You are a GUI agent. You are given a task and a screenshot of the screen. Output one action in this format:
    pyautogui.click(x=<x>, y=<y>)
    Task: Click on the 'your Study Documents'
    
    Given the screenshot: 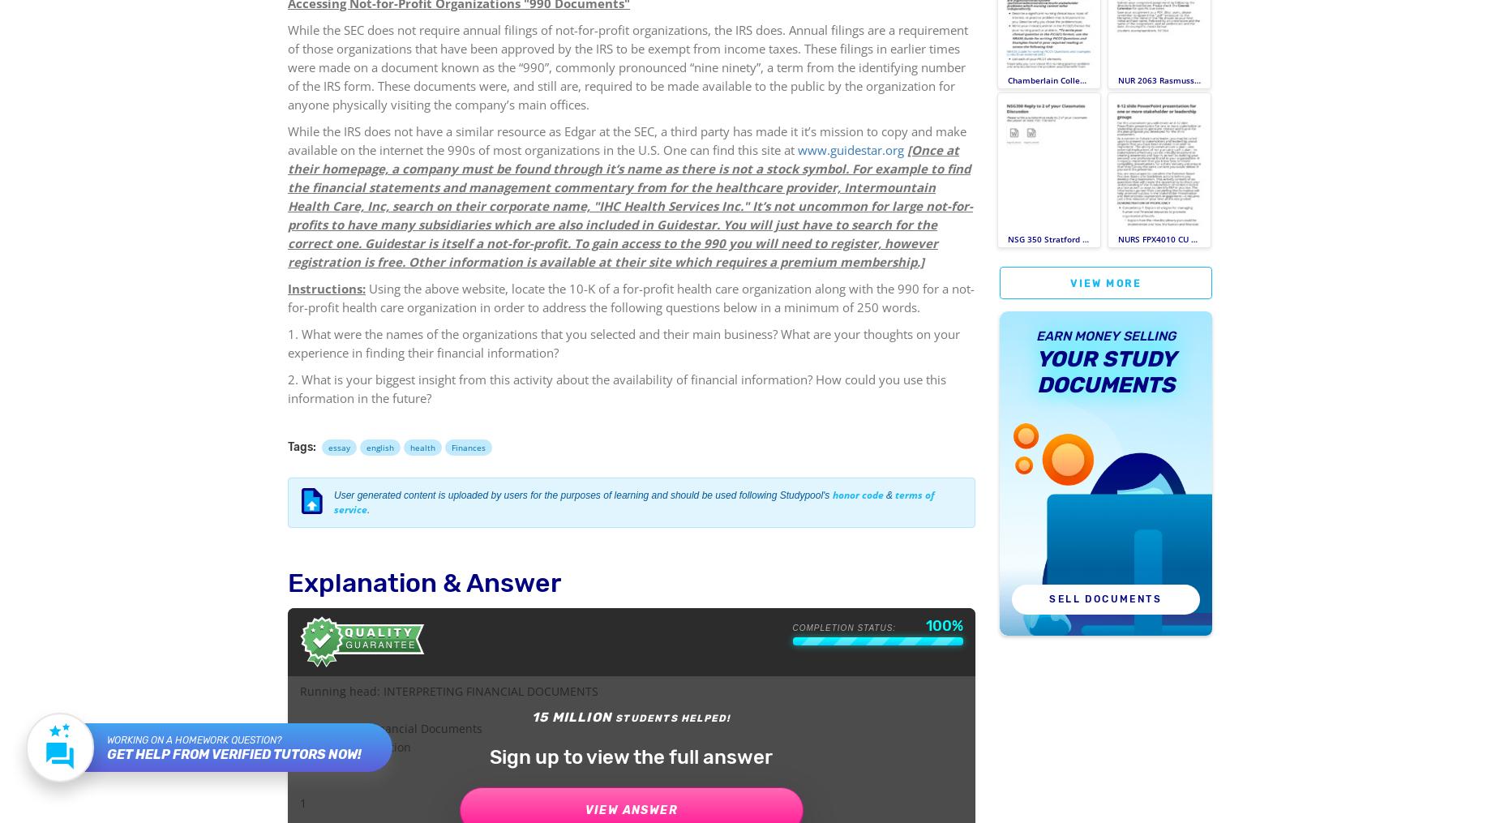 What is the action you would take?
    pyautogui.click(x=1104, y=371)
    